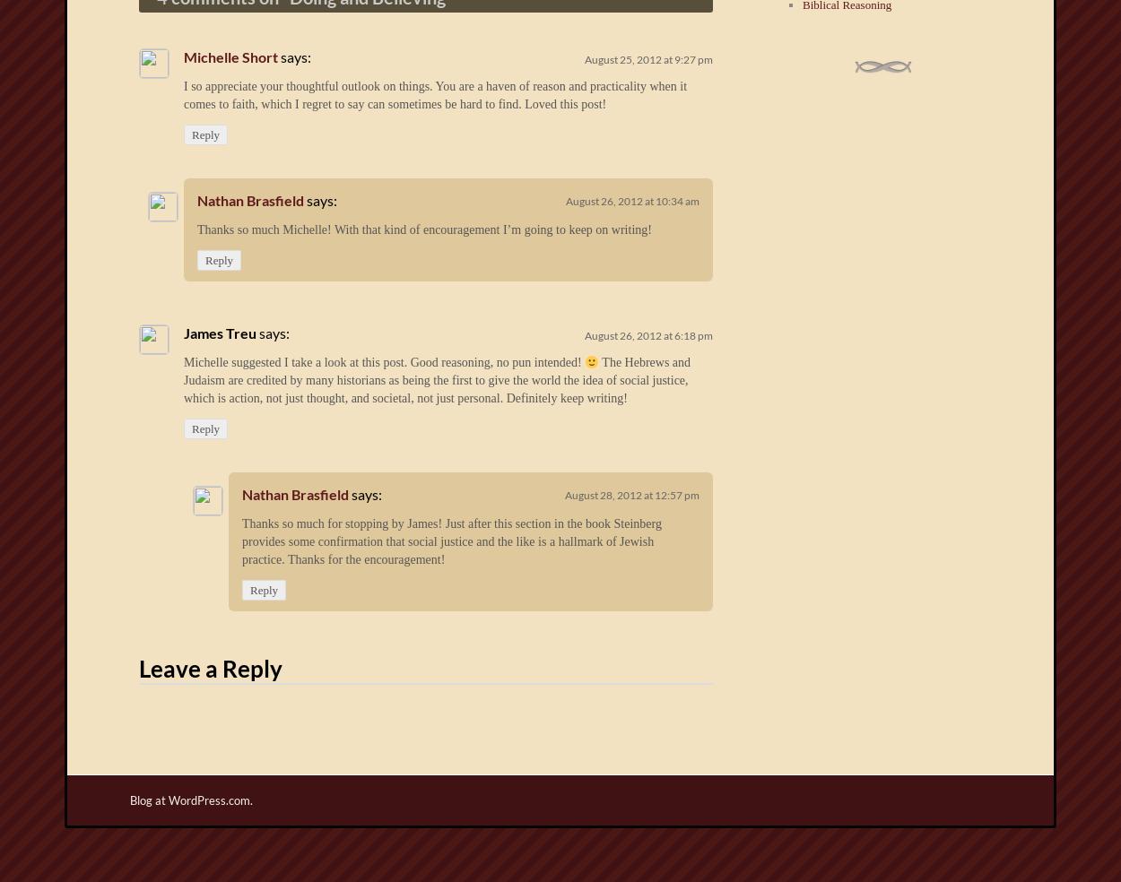 The width and height of the screenshot is (1121, 882). Describe the element at coordinates (647, 335) in the screenshot. I see `'August 26, 2012 at 6:18 pm'` at that location.